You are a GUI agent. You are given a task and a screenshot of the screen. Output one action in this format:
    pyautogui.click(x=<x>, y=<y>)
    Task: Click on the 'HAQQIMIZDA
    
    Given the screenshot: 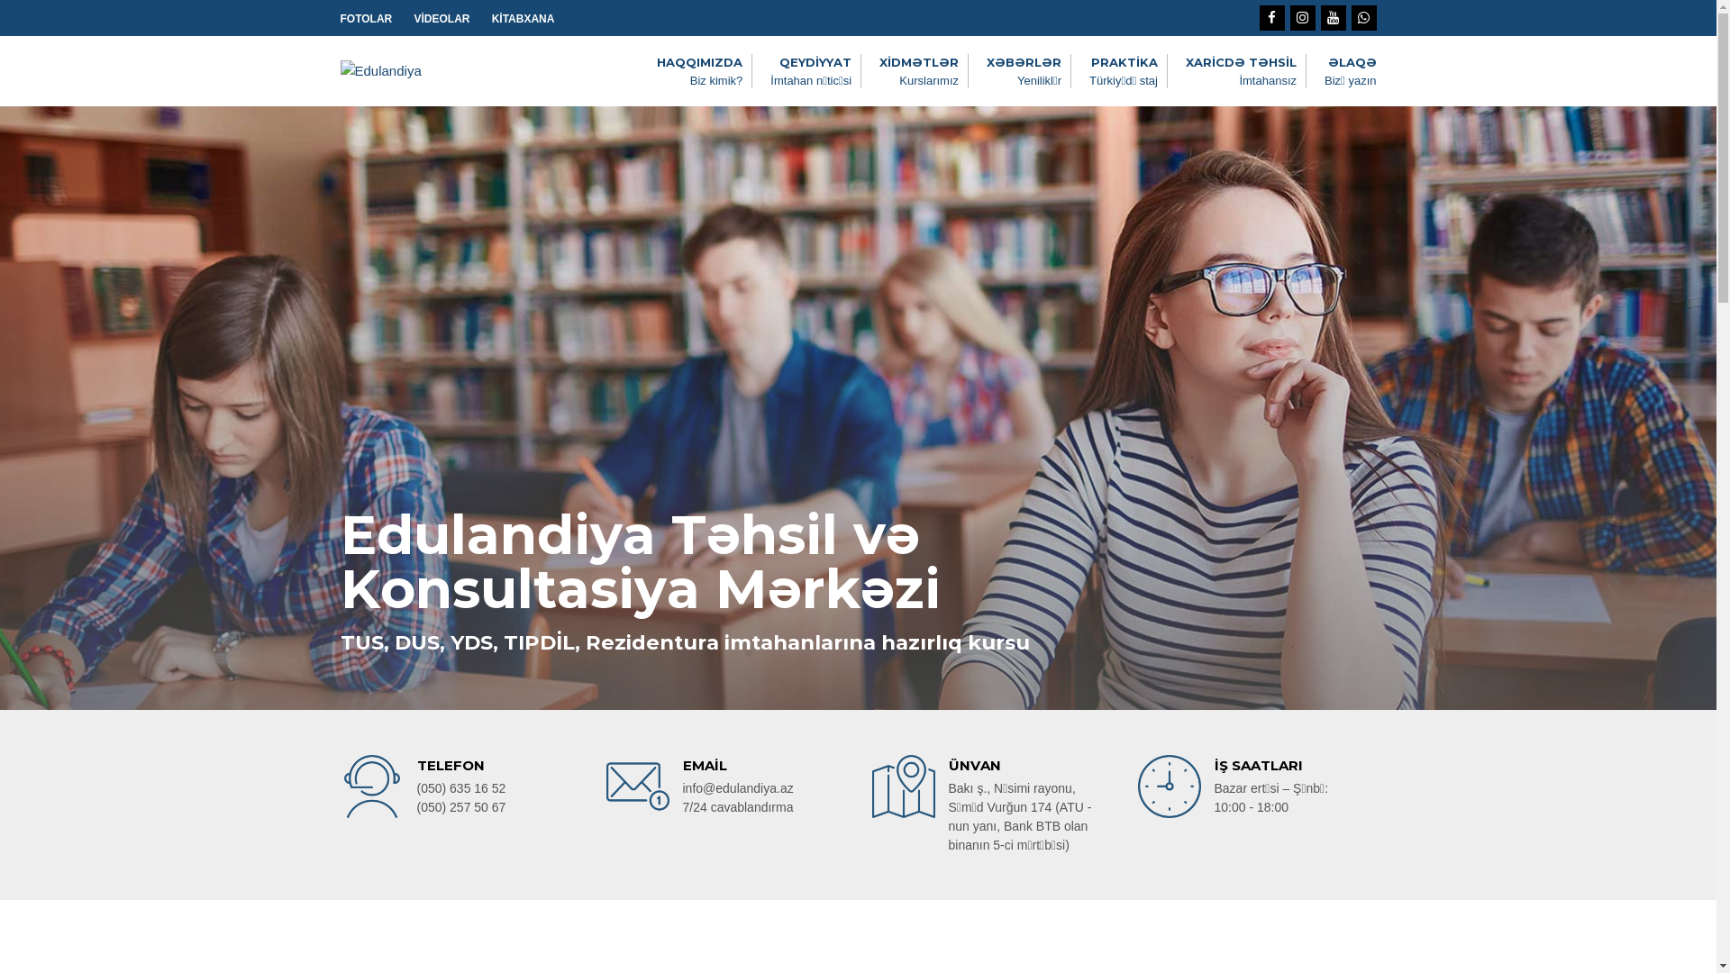 What is the action you would take?
    pyautogui.click(x=656, y=70)
    